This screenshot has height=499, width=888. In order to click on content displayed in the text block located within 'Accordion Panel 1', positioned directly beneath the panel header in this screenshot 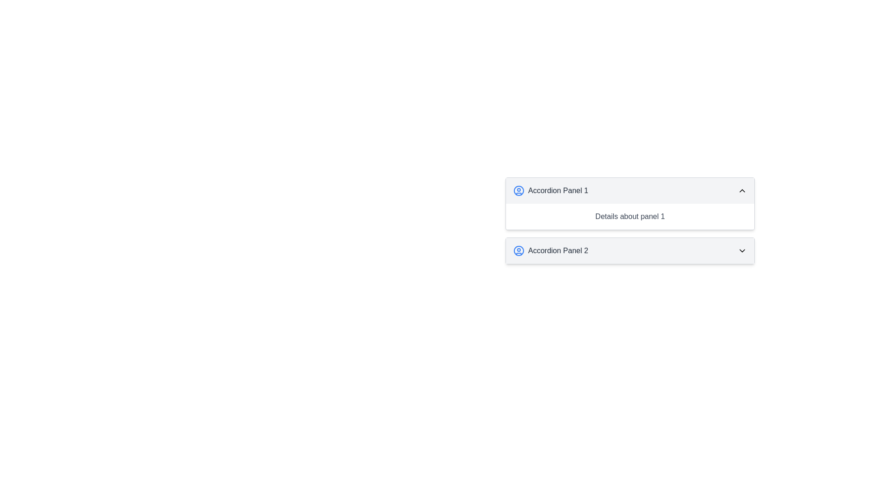, I will do `click(629, 217)`.